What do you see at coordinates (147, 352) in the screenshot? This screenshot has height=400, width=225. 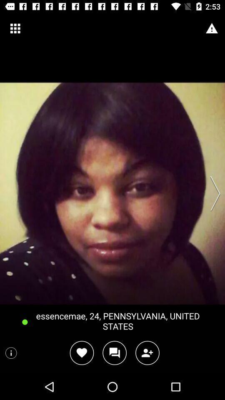 I see `another person` at bounding box center [147, 352].